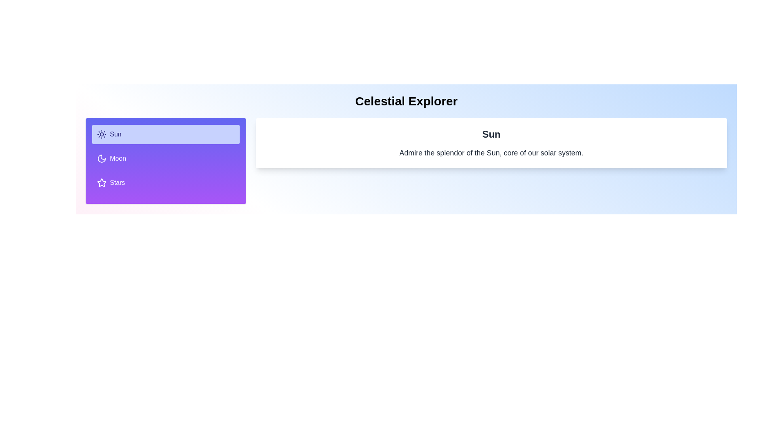 The width and height of the screenshot is (776, 436). What do you see at coordinates (165, 182) in the screenshot?
I see `the tab labeled Stars to inspect its content and layout` at bounding box center [165, 182].